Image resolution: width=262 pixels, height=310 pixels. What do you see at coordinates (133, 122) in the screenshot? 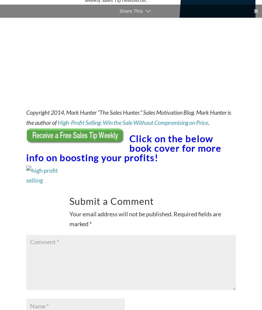
I see `'High-Profit Selling: Win the Sale Without Compromising on Price'` at bounding box center [133, 122].